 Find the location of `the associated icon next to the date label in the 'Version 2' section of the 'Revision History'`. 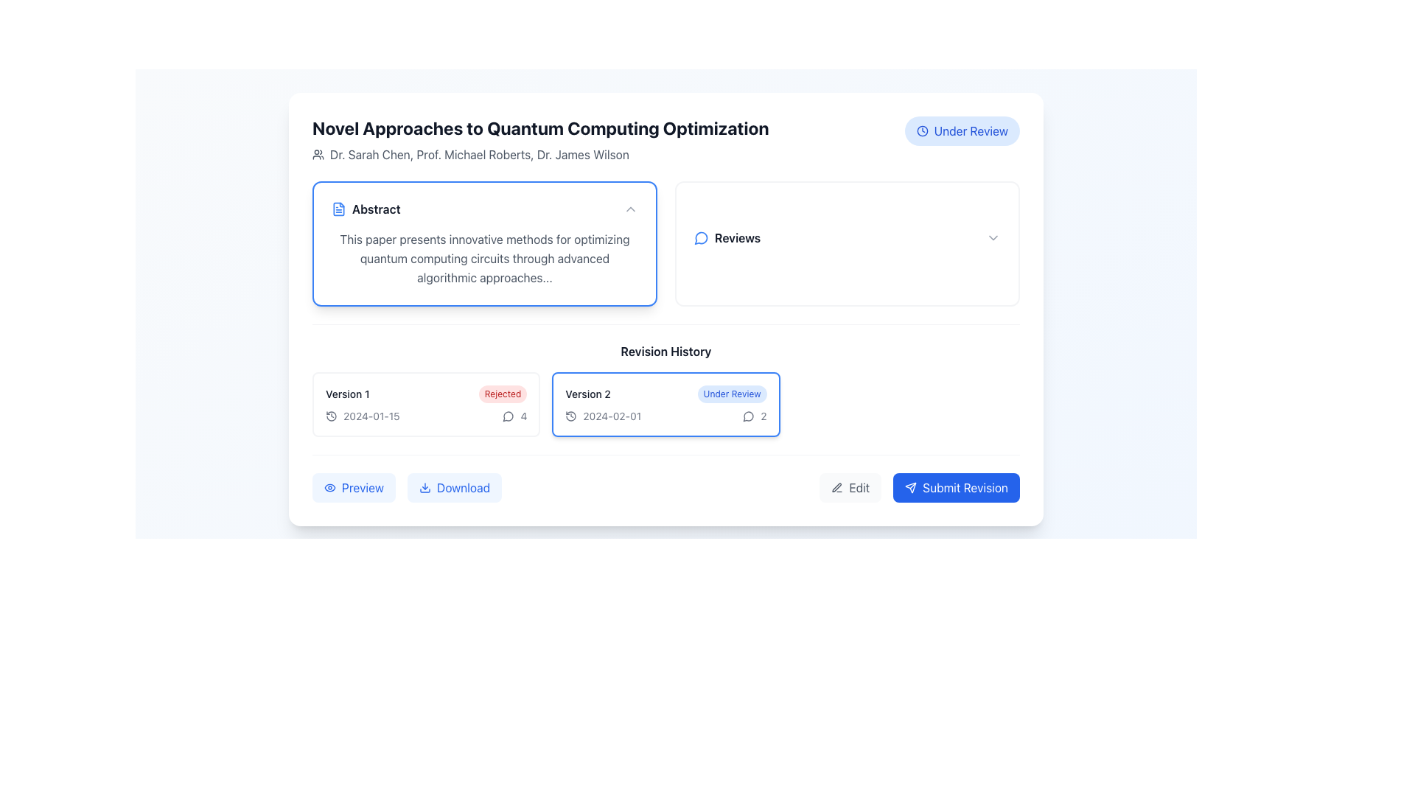

the associated icon next to the date label in the 'Version 2' section of the 'Revision History' is located at coordinates (603, 416).